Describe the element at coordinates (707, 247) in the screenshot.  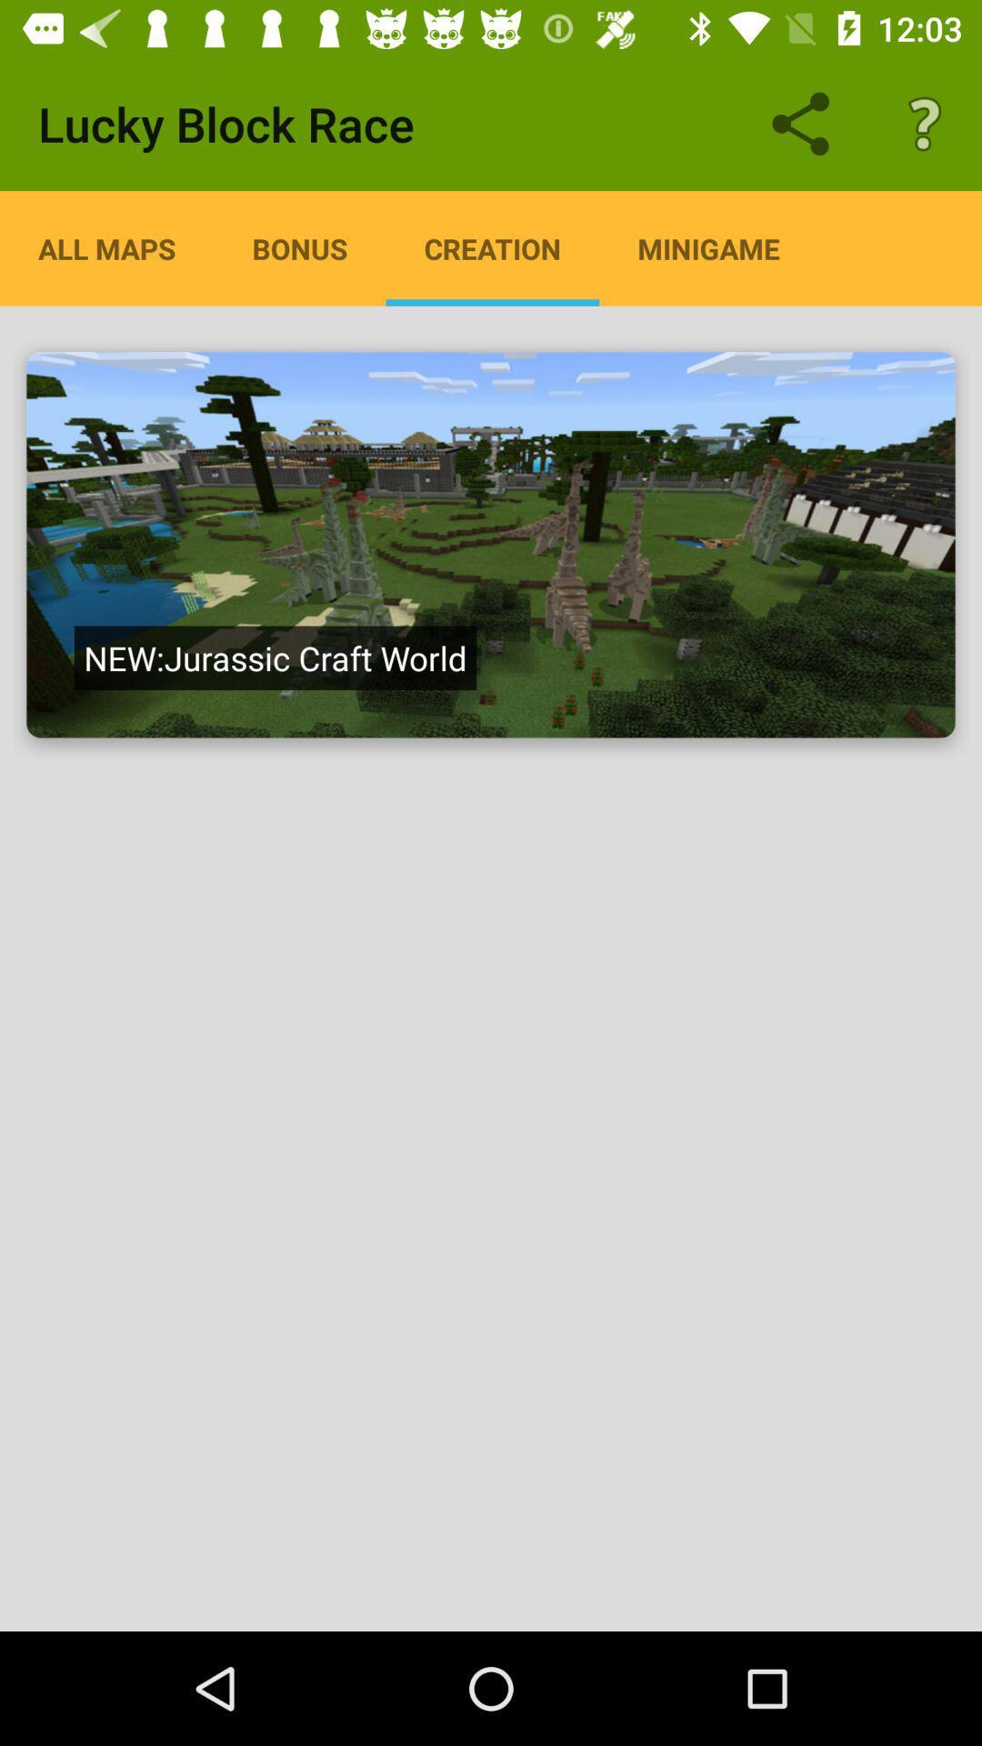
I see `minigame` at that location.